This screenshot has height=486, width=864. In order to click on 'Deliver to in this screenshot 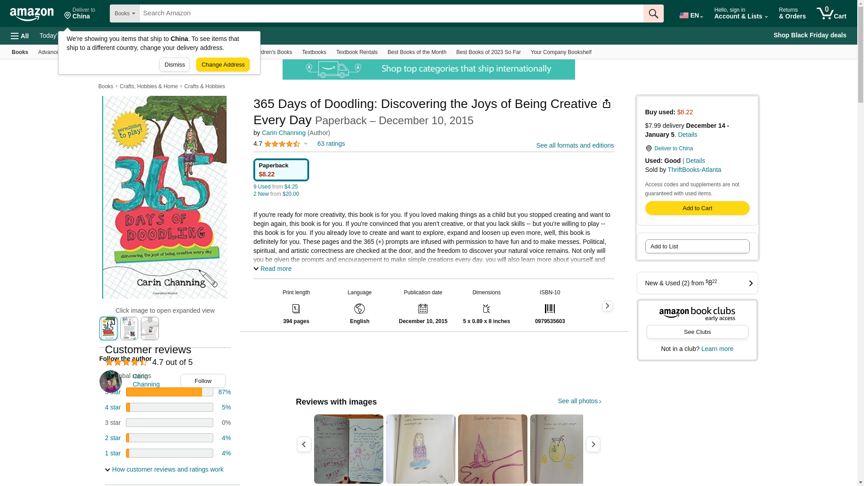, I will do `click(80, 13)`.